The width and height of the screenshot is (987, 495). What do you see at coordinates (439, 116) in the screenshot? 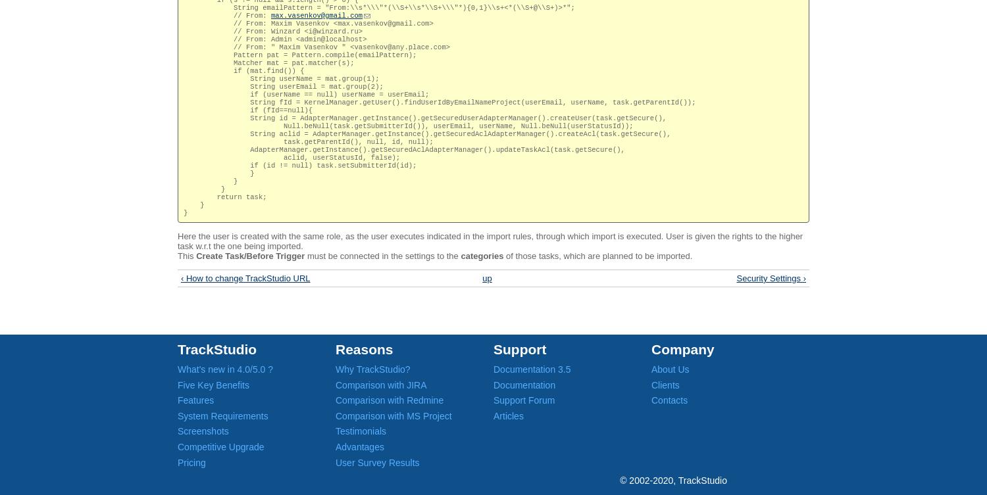
I see `'// From: Maxim Vasenkov <max.vasenkov@gmail.com>
            // From: Winzard <i@winzard.ru>
            // From: Admin <admin@localhost>
            // From: " Maxim Vasenkov " <vasenkov@any.place.com>
            Pattern pat = Pattern.compile(emailPattern);
            Matcher mat = pat.matcher(s);
            if (mat.find()) {
                String userName = mat.group(1);
                String userEmail = mat.group(2);
                if (userName == null) userName = userEmail;
                String fId = KernelManager.getUser().findUserIdByEmailNameProject(userEmail, userName, task.getParentId());
                if (fId==null){
                String id = AdapterManager.getInstance().getSecuredUserAdapterManager().createUser(task.getSecure(),
                        Null.beNull(task.getSubmitterId()), userEmail, userName, Null.beNull(userStatusId));
                String aclid = AdapterManager.getInstance().getSecuredAclAdapterManager().createAcl(task.getSecure(),
                        task.getParentId(), null, id, null);
                AdapterManager.getInstance().getSecuredAclAdapterManager().updateTaskAcl(task.getSecure(),
                        aclid, userStatusId, false);
                if (id != null) task.setSubmitterId(id);
                }
            }
         }
        return task;
    }
}'` at bounding box center [439, 116].